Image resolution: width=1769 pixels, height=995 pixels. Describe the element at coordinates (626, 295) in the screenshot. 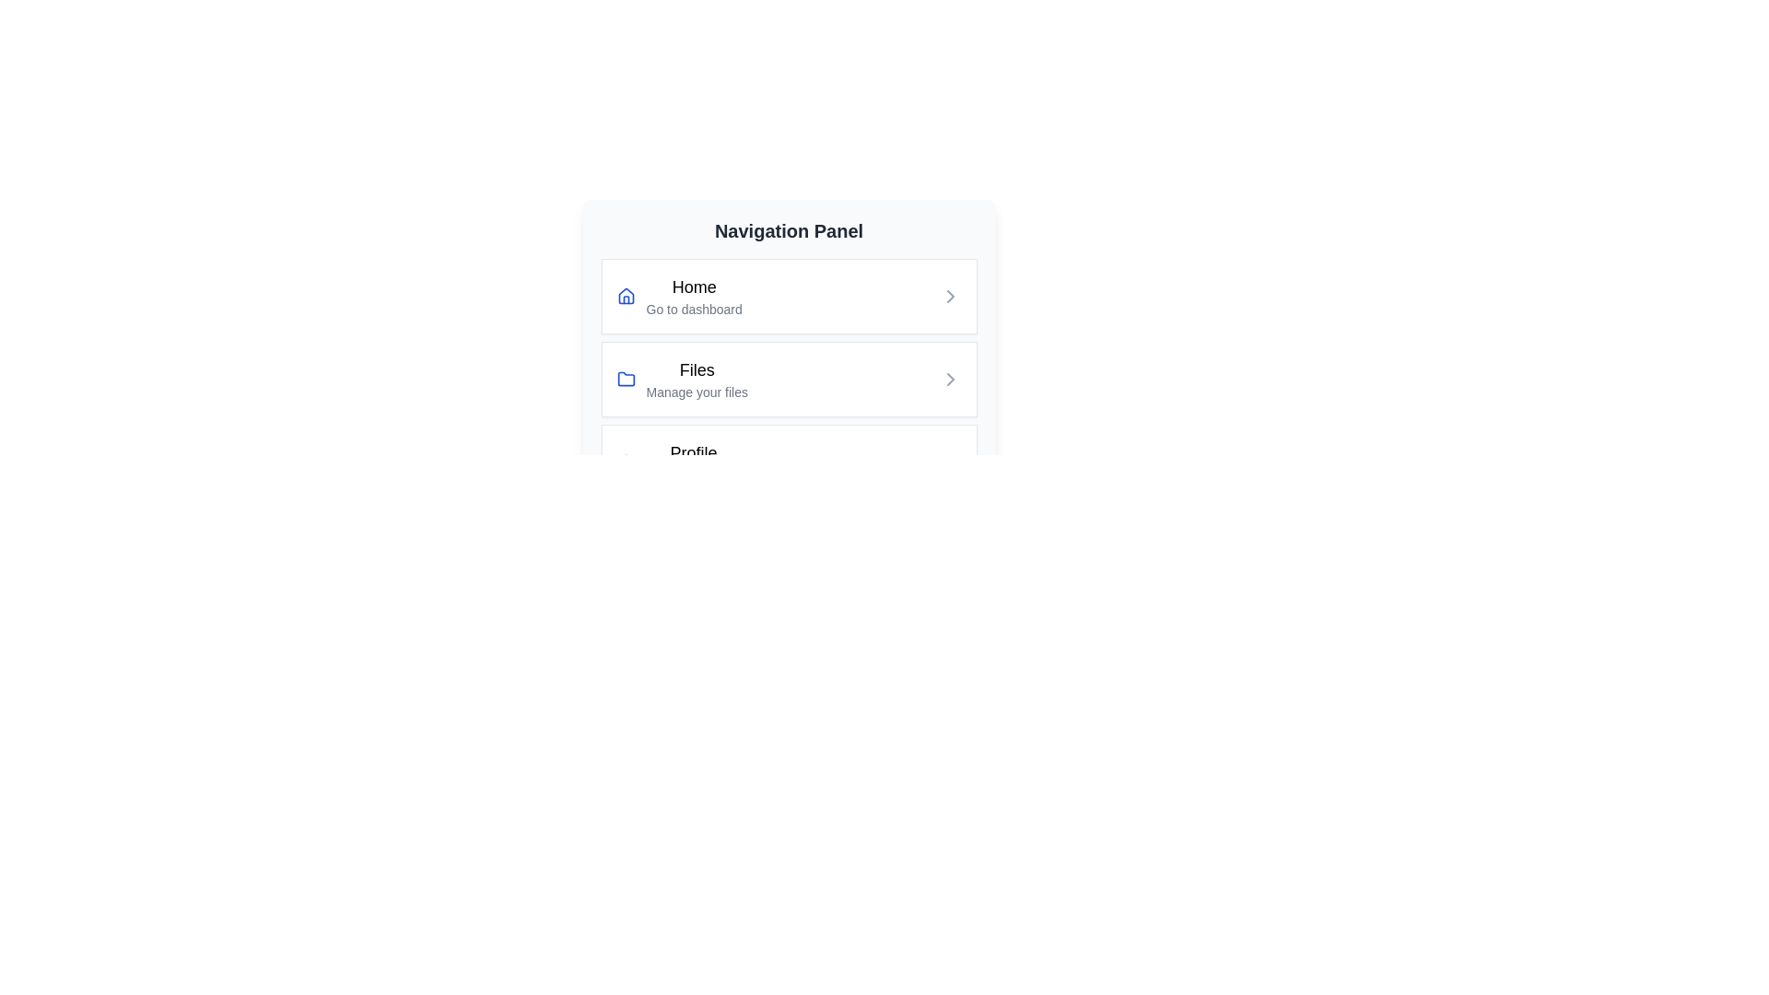

I see `the home navigation icon located to the left of the 'Home' text` at that location.